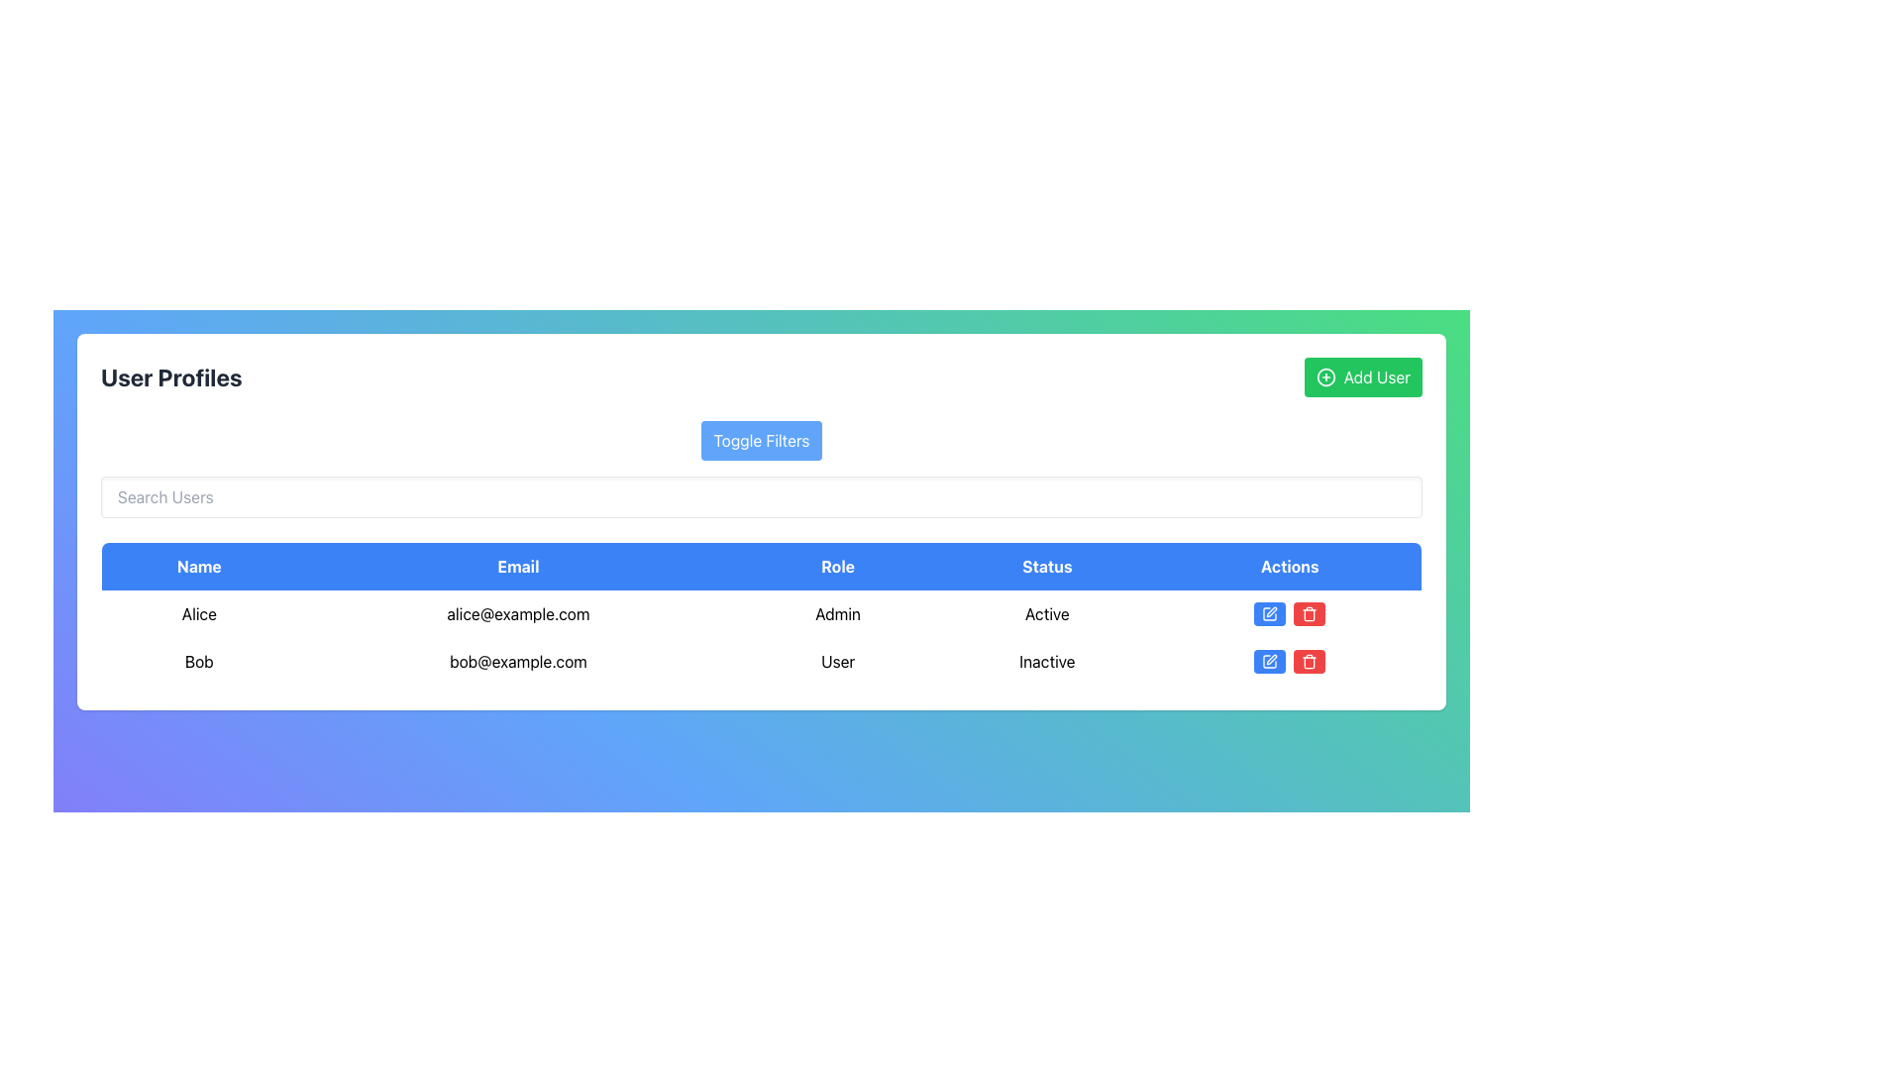 This screenshot has height=1070, width=1902. I want to click on the edit icon button located in the second row of the table under the 'Actions' column, aligned with the user 'Bob', so click(1270, 661).